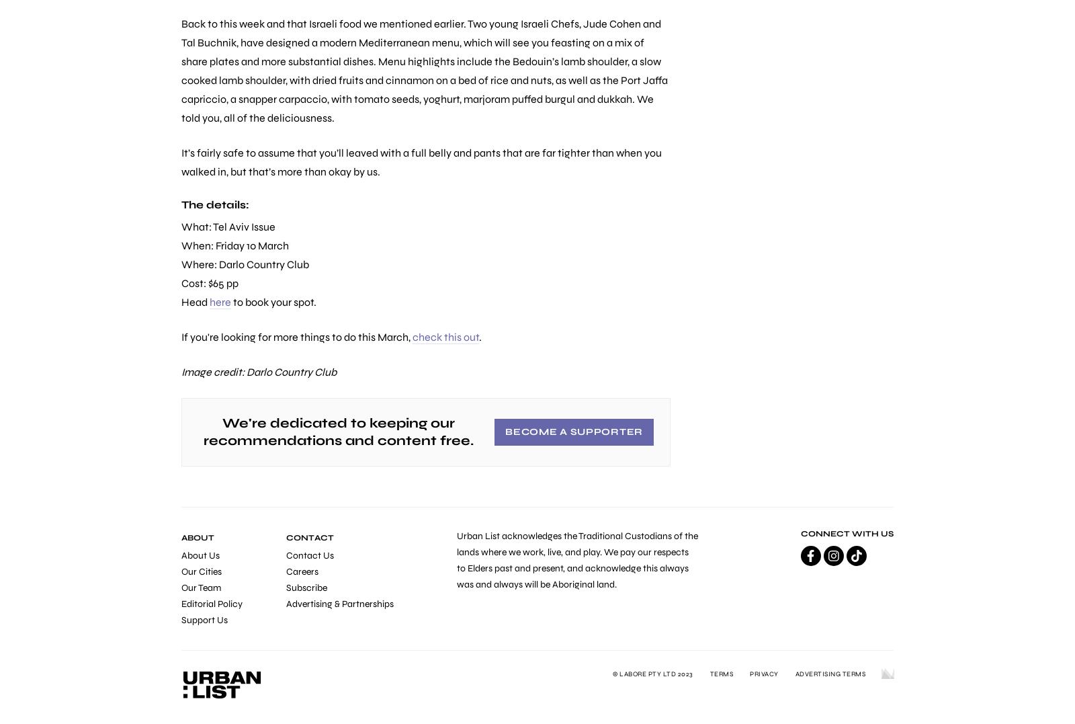 This screenshot has height=724, width=1075. What do you see at coordinates (215, 204) in the screenshot?
I see `'The details:'` at bounding box center [215, 204].